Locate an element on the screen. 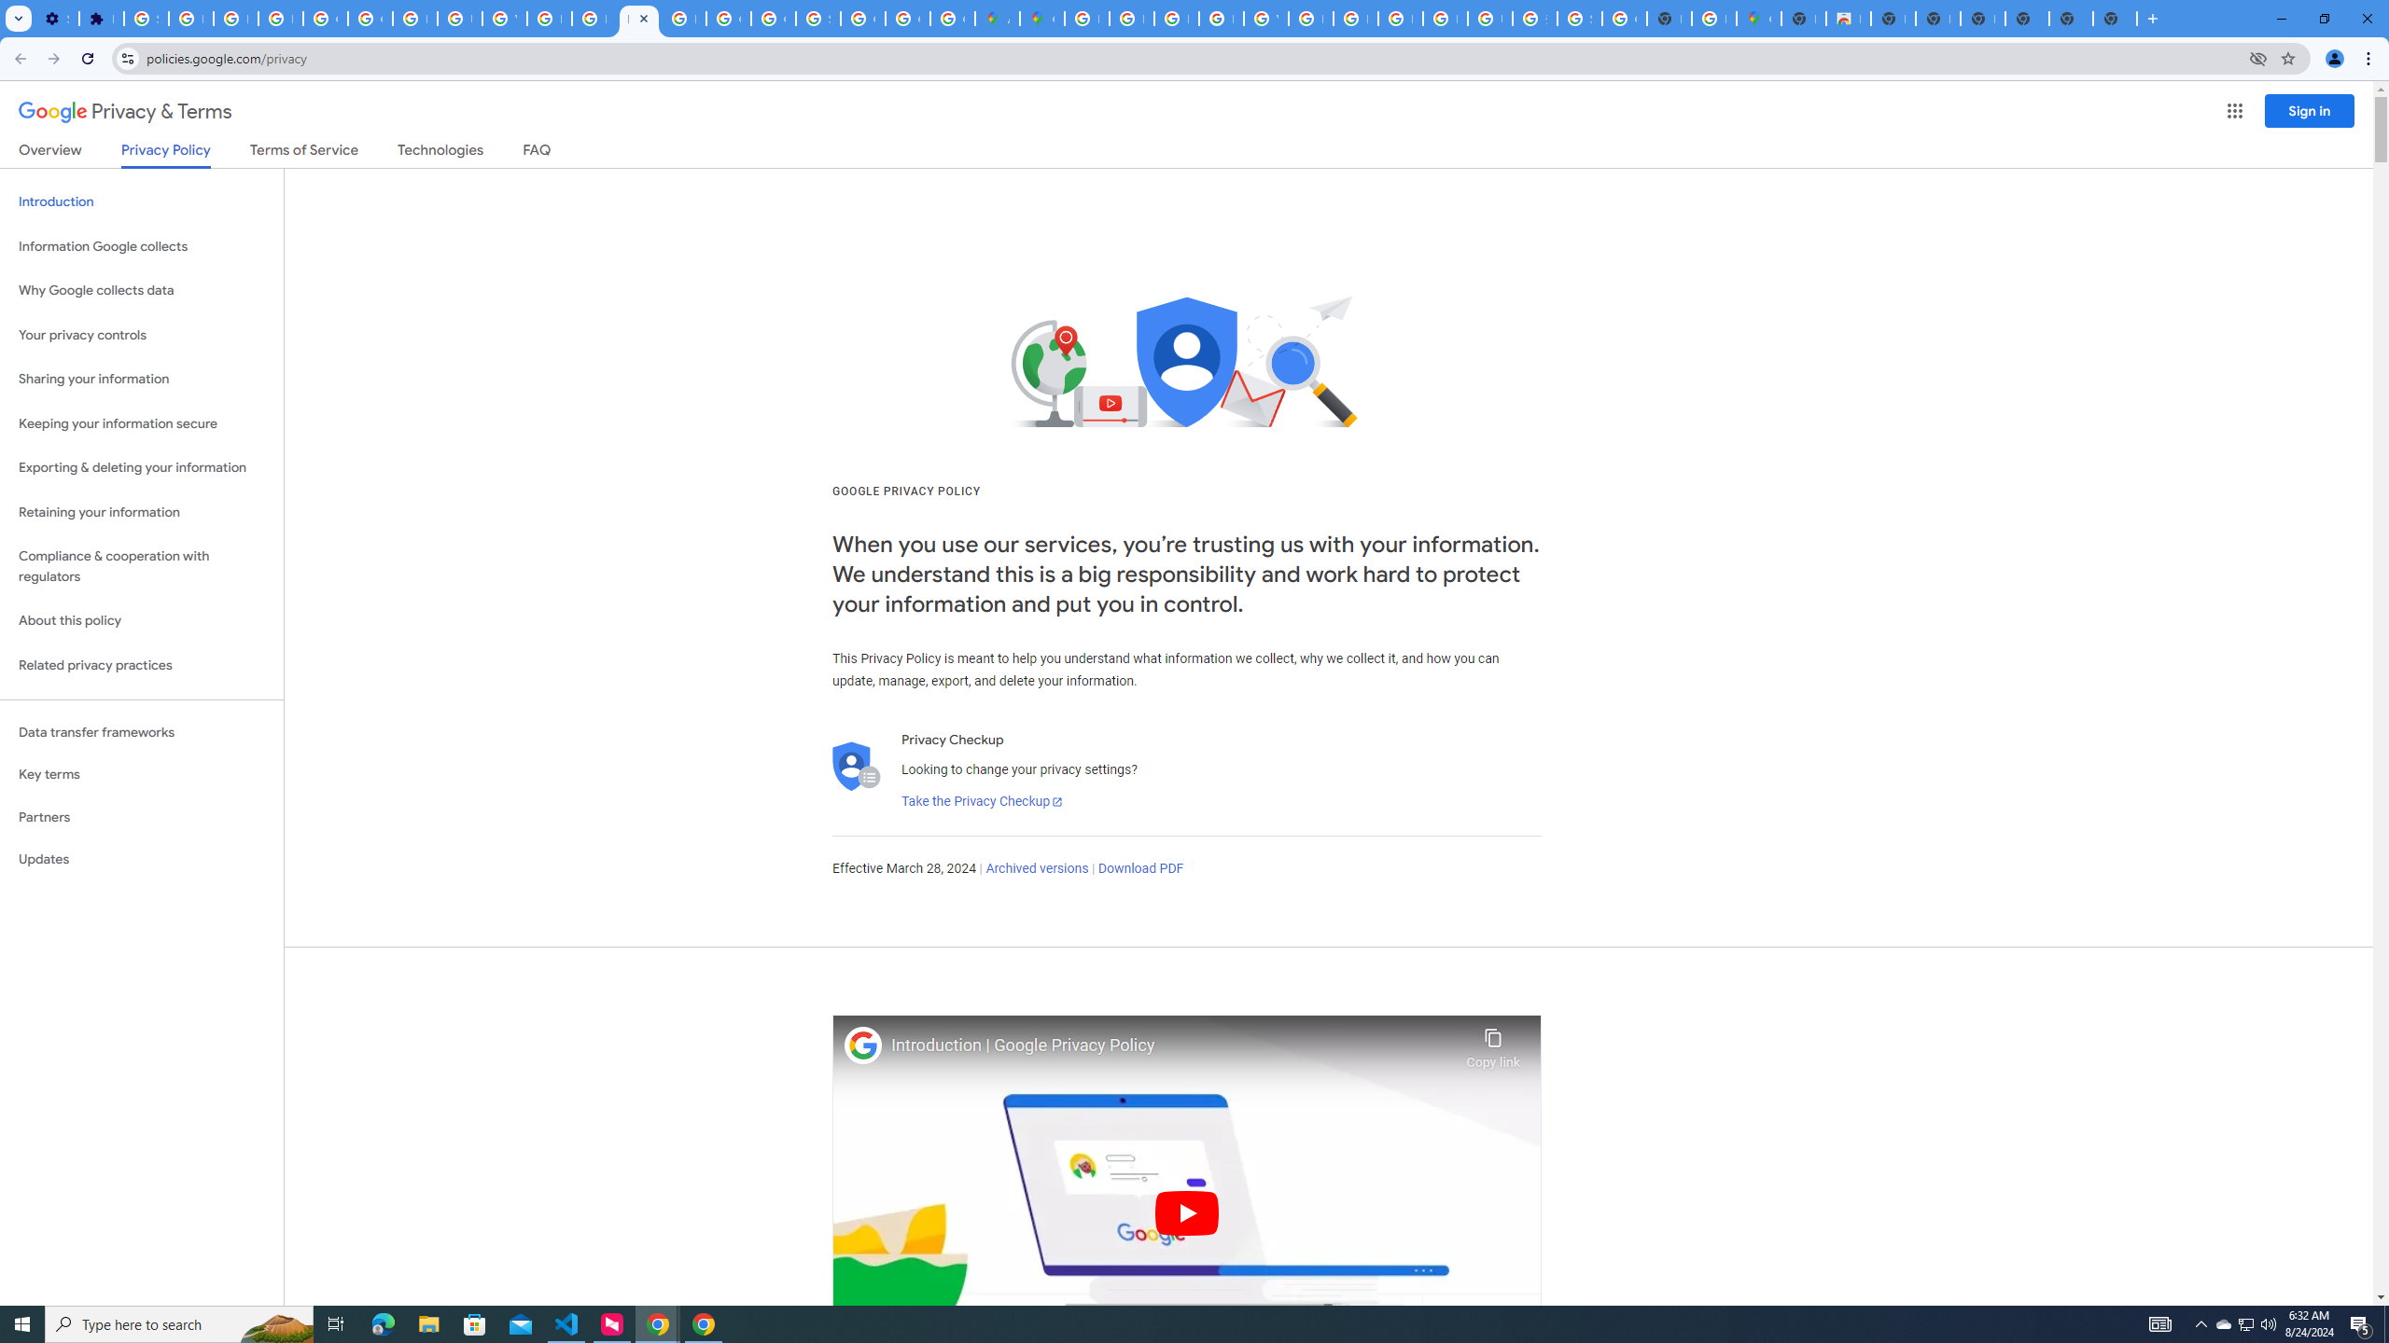  'Settings - On startup' is located at coordinates (57, 18).